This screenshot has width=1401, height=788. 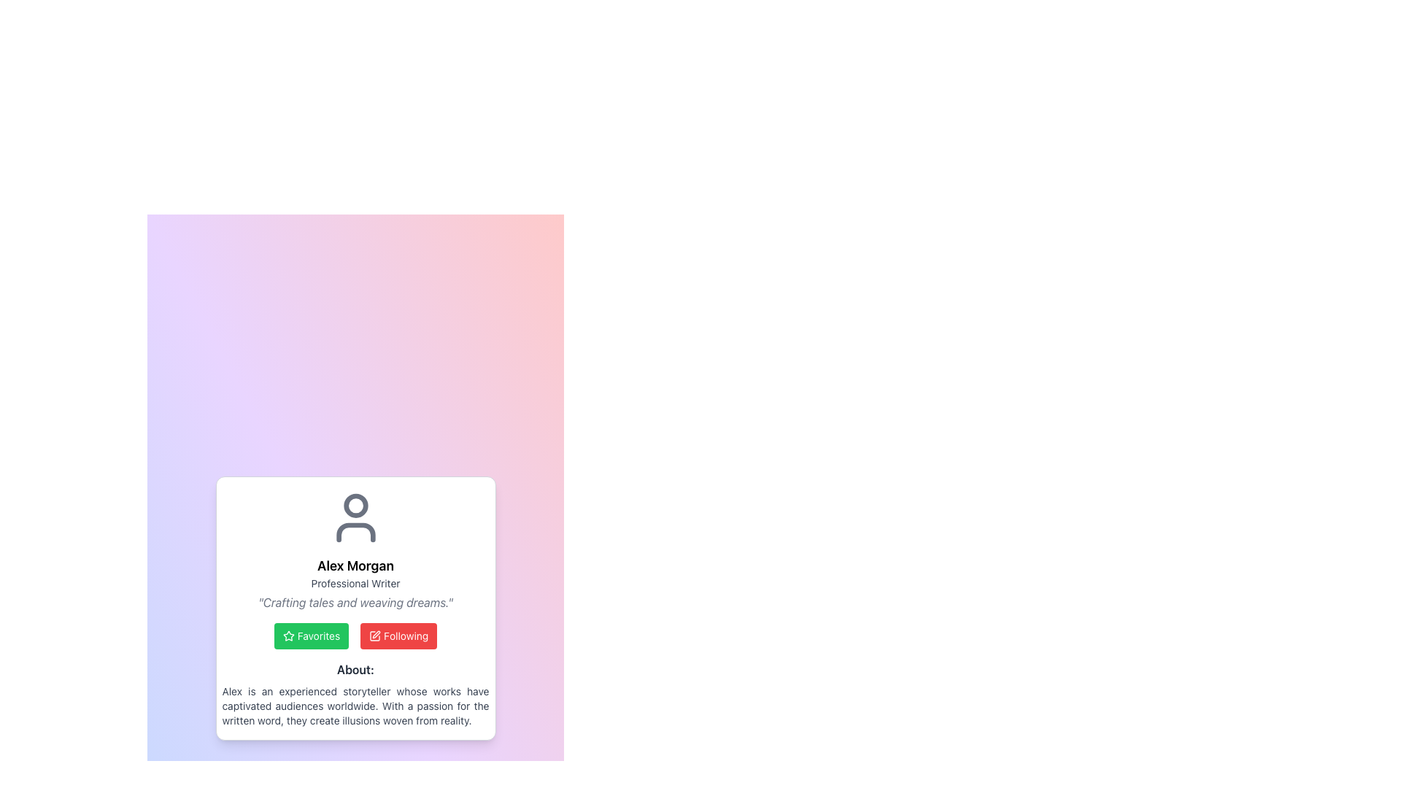 I want to click on the label that provides a tagline or quote situated beneath the 'Professional Writer' subtitle and above the 'Favorites' and 'Following' buttons in the card layout, so click(x=355, y=602).